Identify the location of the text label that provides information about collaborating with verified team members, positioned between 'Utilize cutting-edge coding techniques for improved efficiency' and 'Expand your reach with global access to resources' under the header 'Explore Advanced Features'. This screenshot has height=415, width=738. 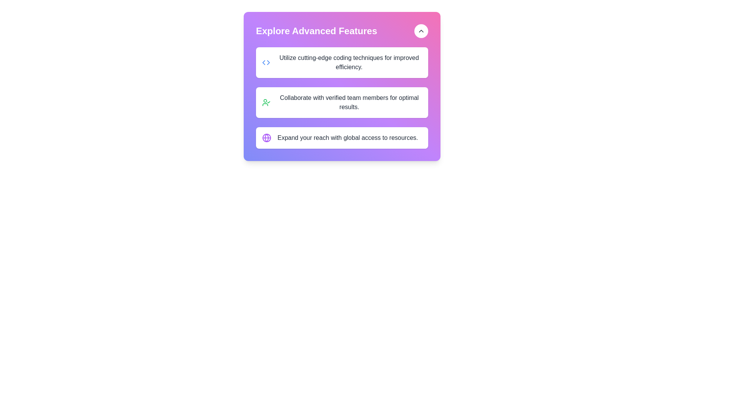
(349, 102).